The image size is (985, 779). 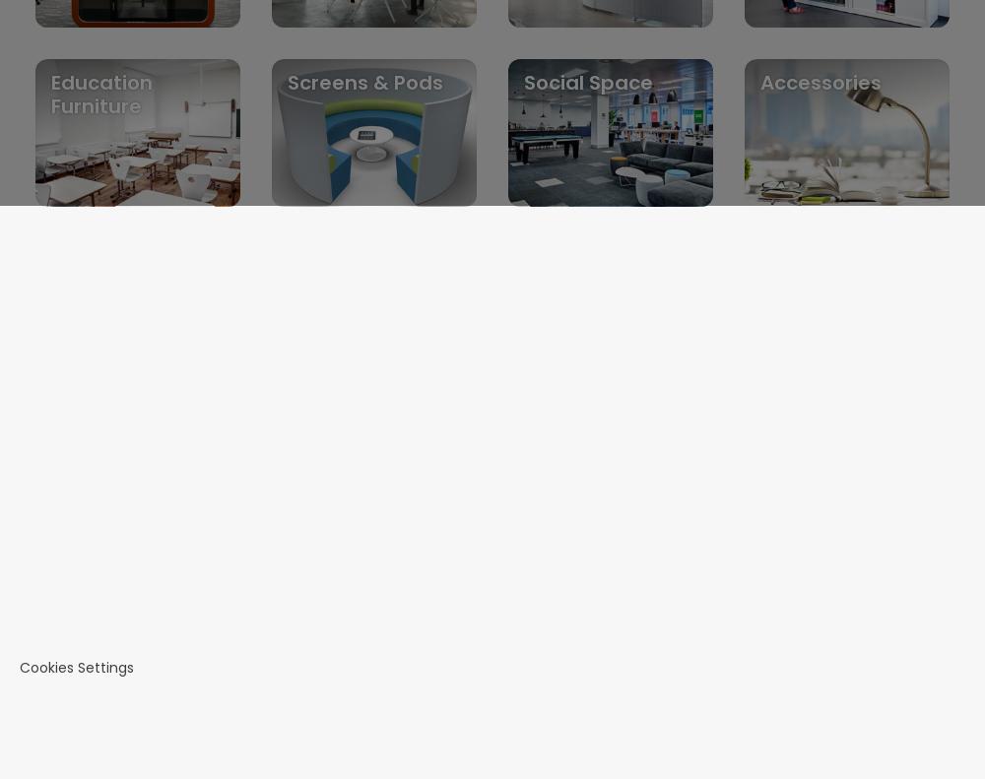 What do you see at coordinates (101, 435) in the screenshot?
I see `'Homepage'` at bounding box center [101, 435].